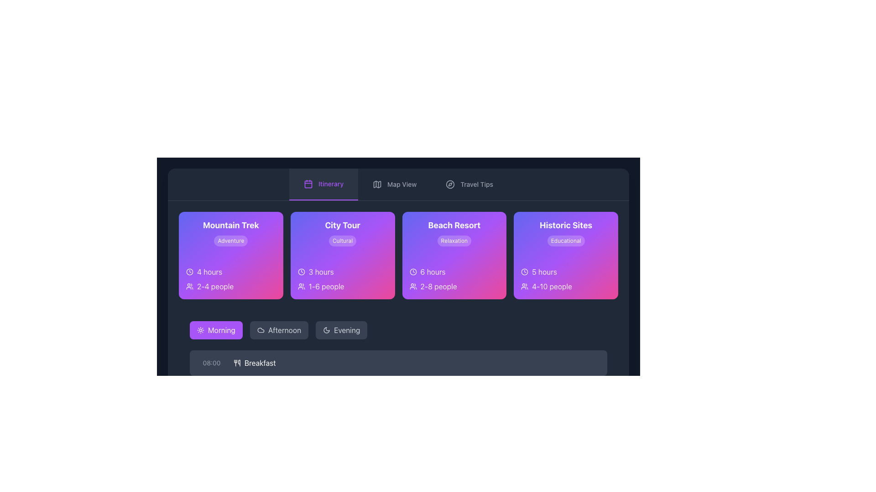 The image size is (876, 492). Describe the element at coordinates (525, 272) in the screenshot. I see `the SVG clock icon located to the left of the '5 hours' text in the 'Historic Sites' card` at that location.